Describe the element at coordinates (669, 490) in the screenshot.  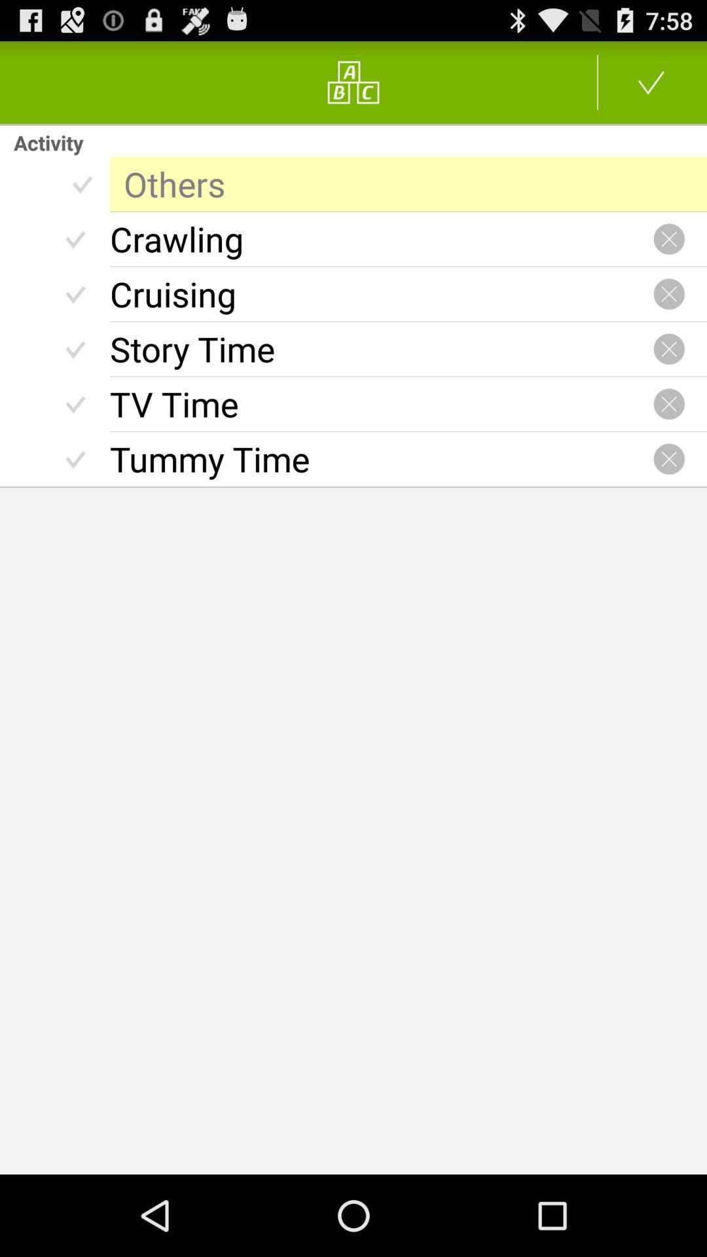
I see `the close icon` at that location.